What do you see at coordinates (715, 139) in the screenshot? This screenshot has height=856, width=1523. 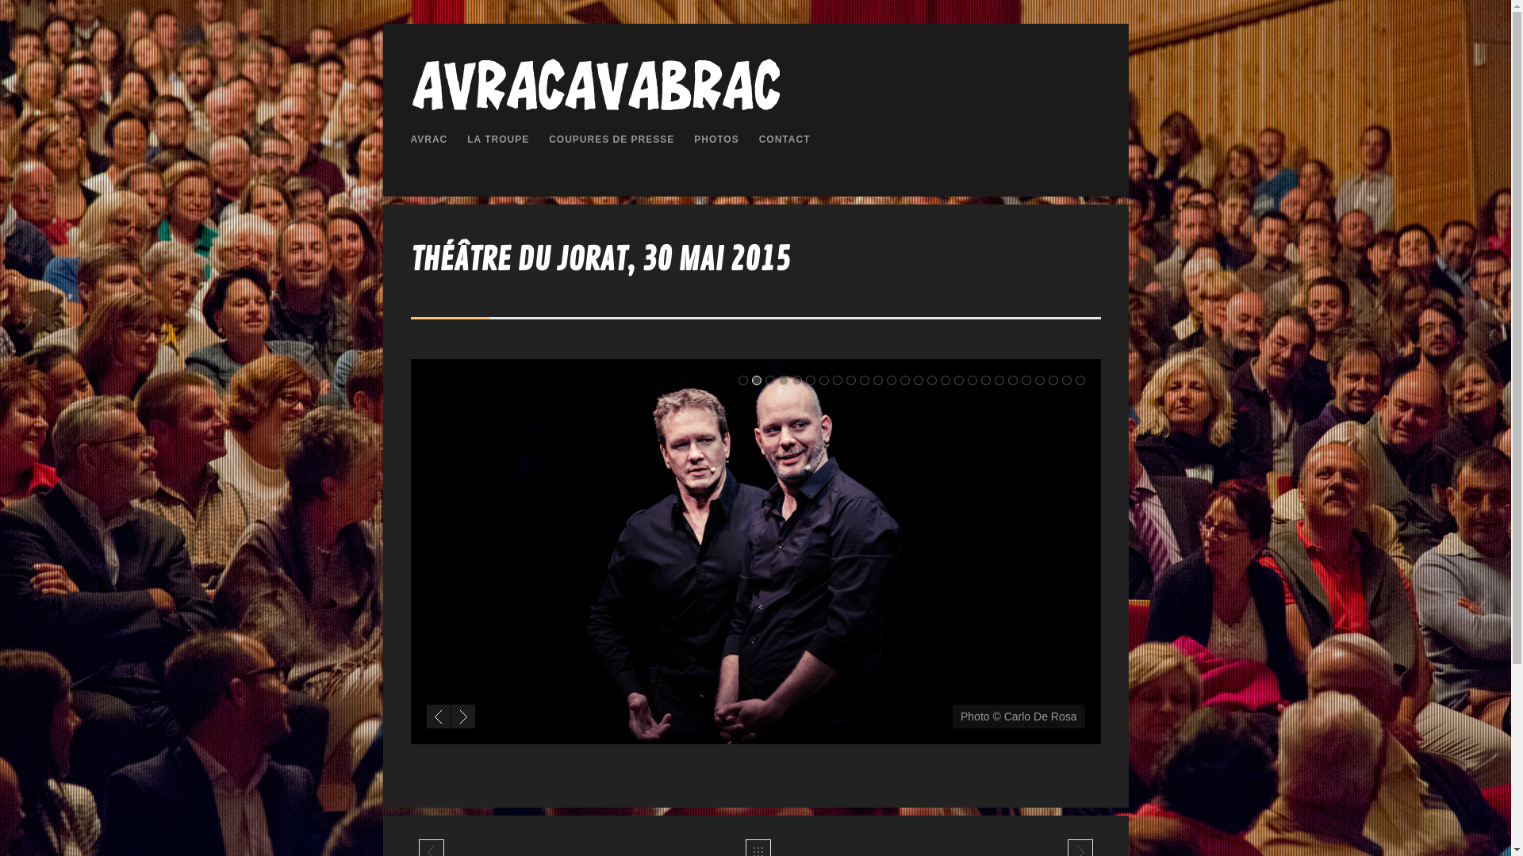 I see `'PHOTOS'` at bounding box center [715, 139].